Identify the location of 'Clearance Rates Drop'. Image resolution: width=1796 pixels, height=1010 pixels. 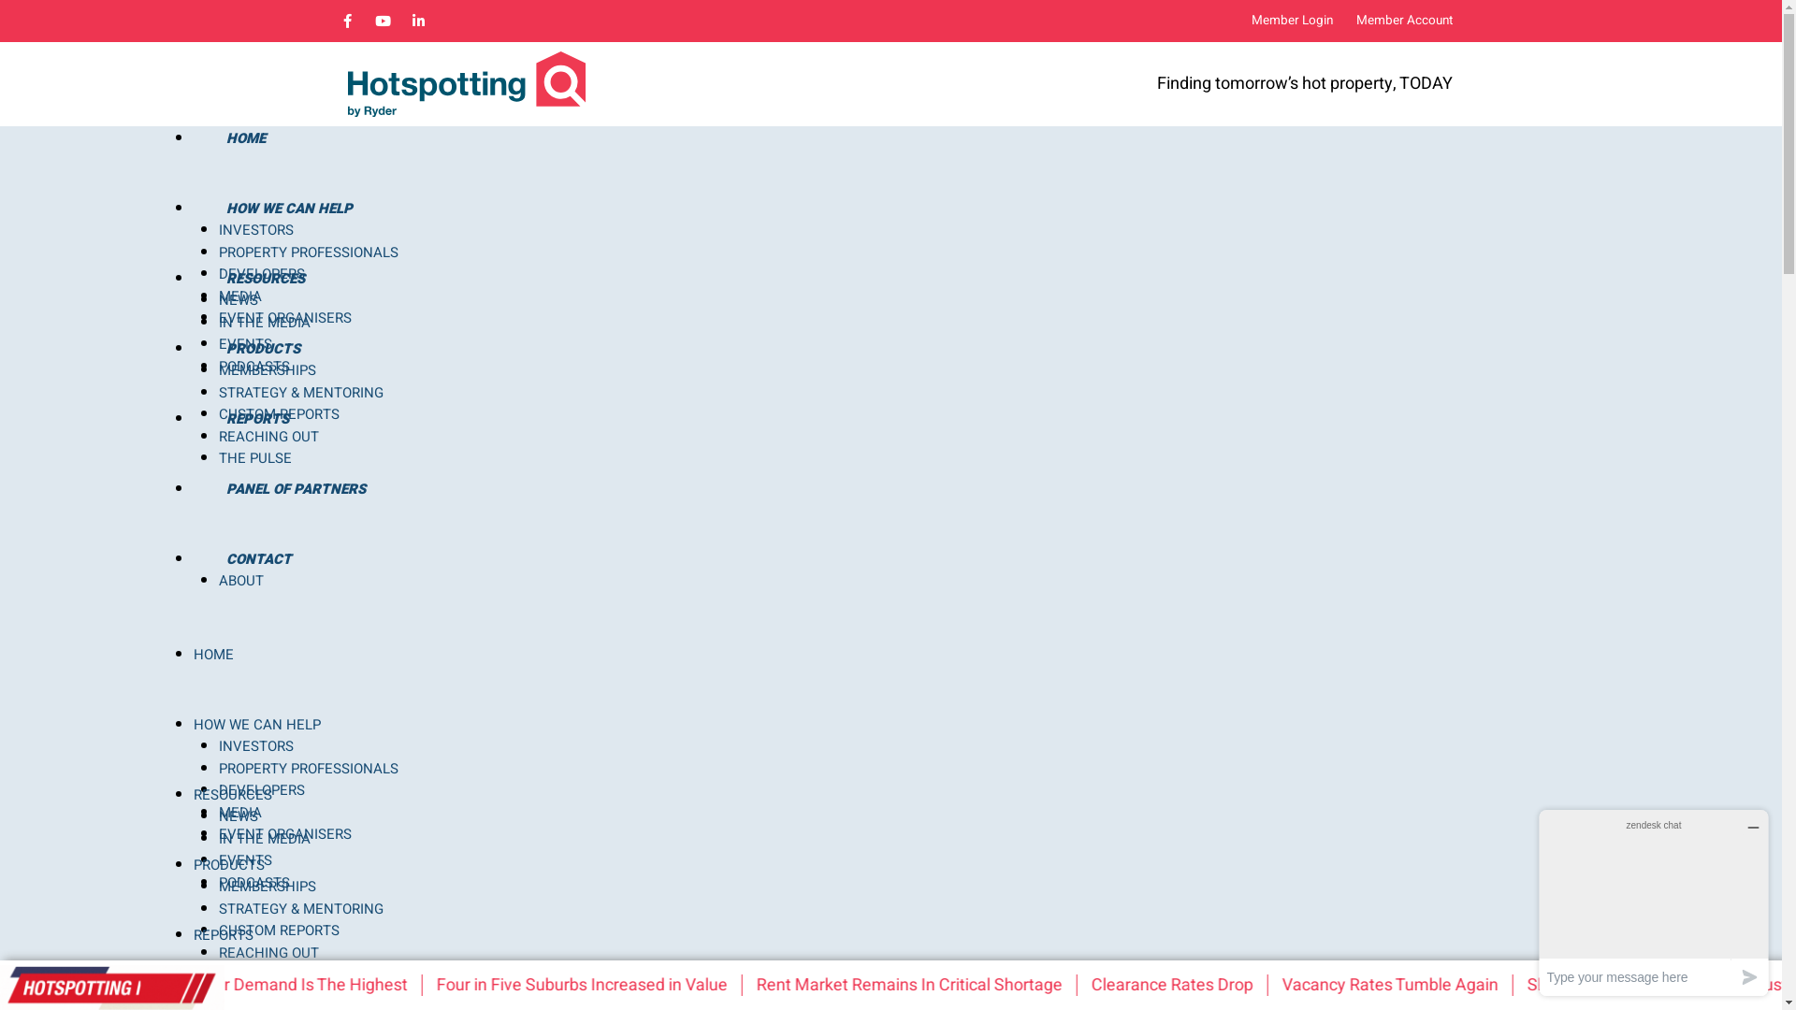
(1113, 984).